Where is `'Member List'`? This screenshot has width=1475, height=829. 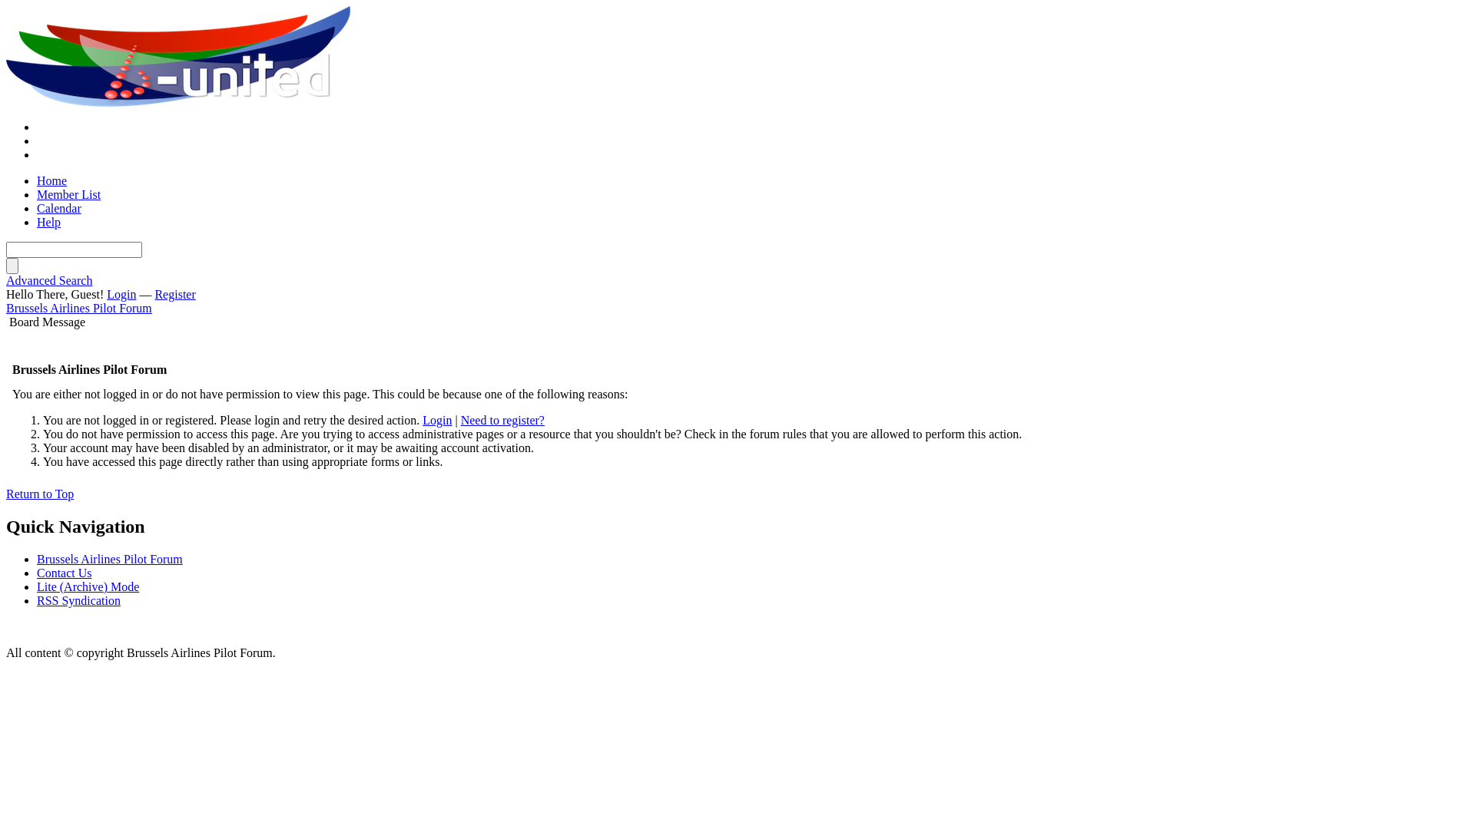 'Member List' is located at coordinates (68, 193).